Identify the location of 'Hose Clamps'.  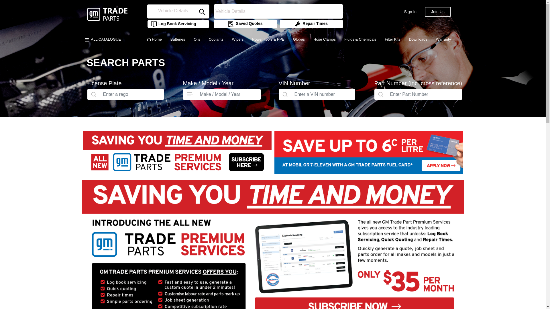
(324, 39).